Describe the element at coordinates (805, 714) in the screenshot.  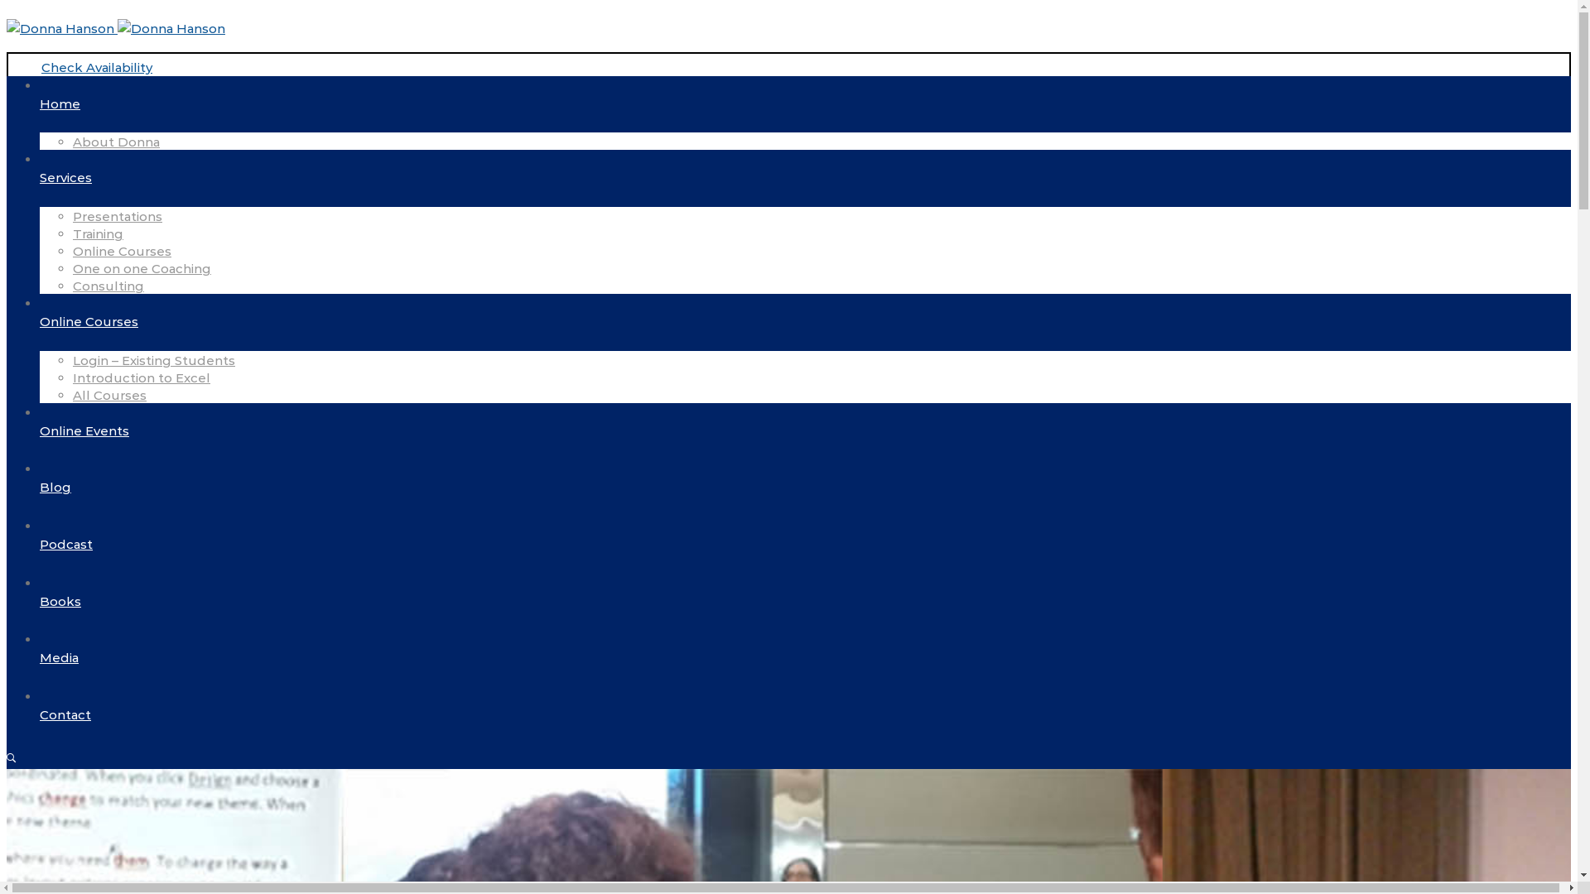
I see `'Contact'` at that location.